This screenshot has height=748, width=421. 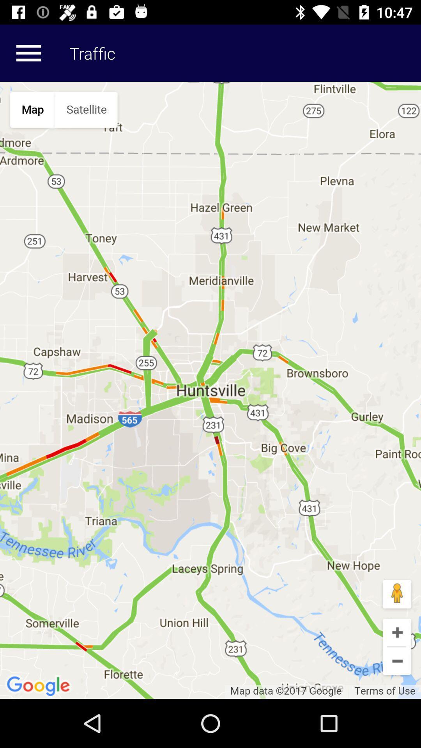 What do you see at coordinates (28, 53) in the screenshot?
I see `more details` at bounding box center [28, 53].